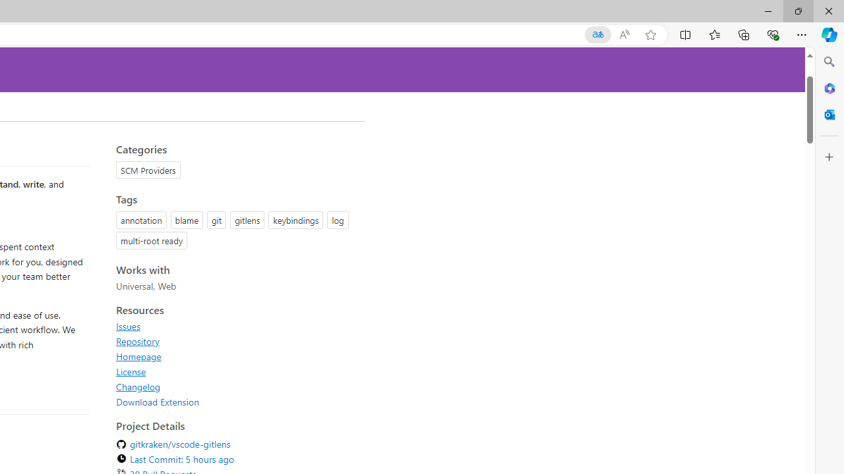 This screenshot has height=474, width=844. I want to click on 'Settings and more (Alt+F)', so click(801, 34).